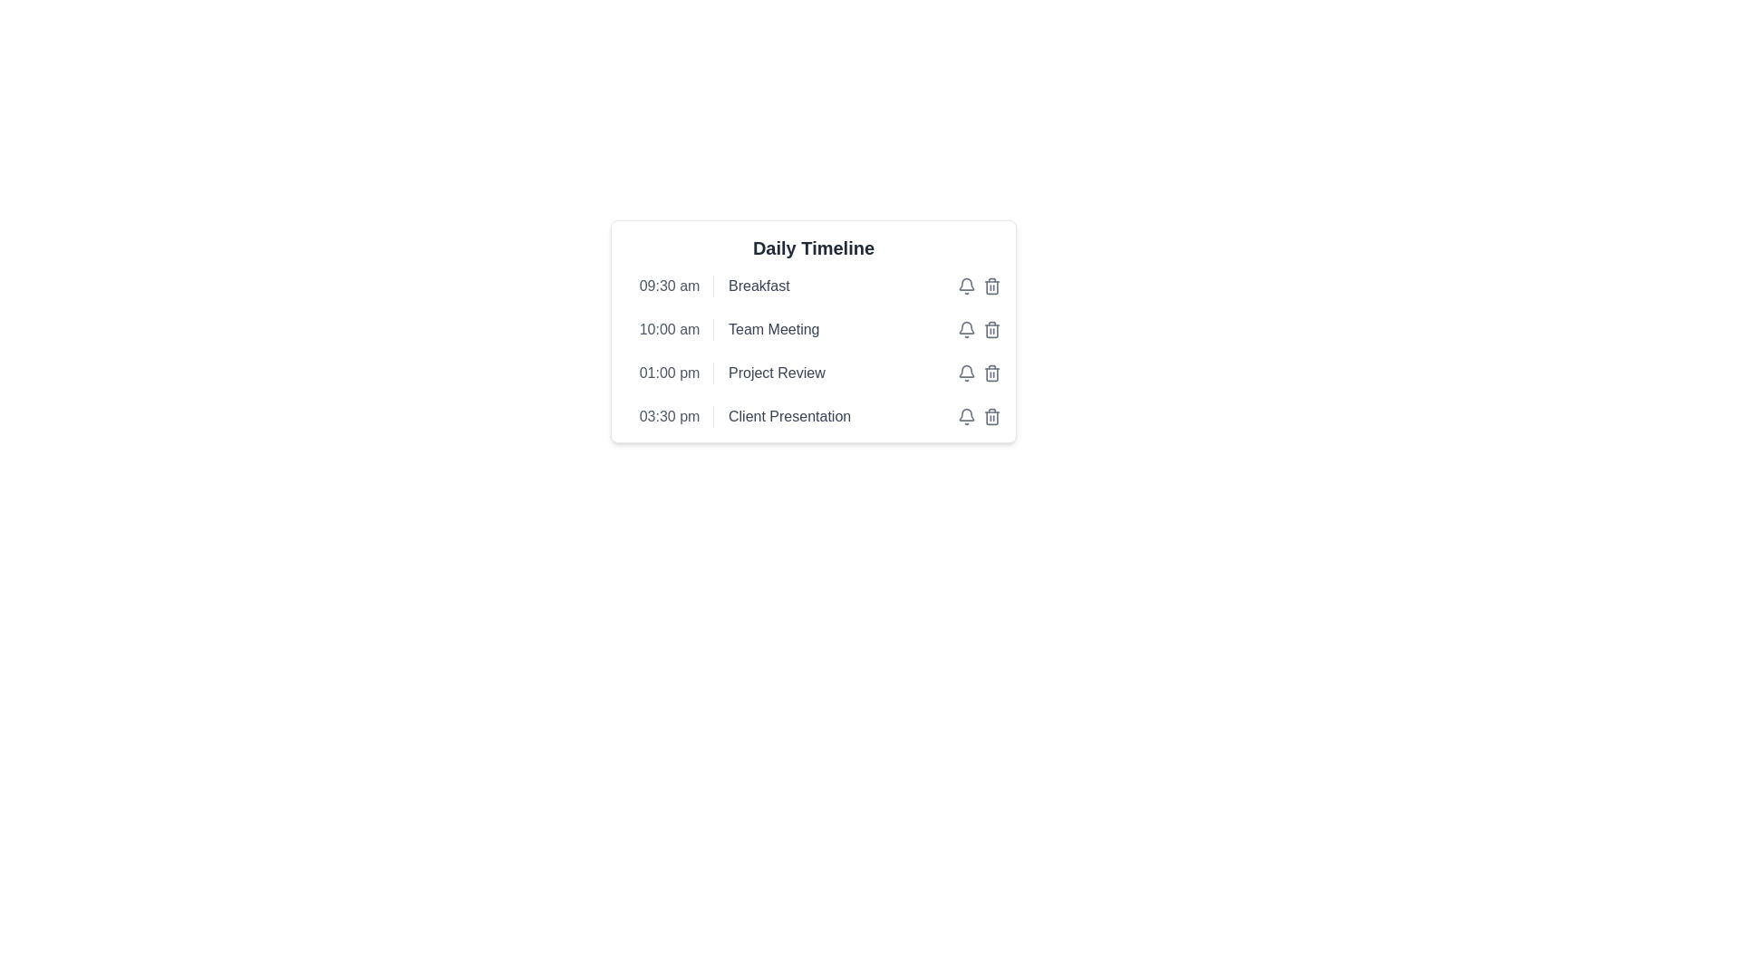 This screenshot has width=1740, height=979. What do you see at coordinates (965, 370) in the screenshot?
I see `the notification icon for the '01:00 pm Project Review' entry in the Daily Timeline component, located to the left of the trash can icon` at bounding box center [965, 370].